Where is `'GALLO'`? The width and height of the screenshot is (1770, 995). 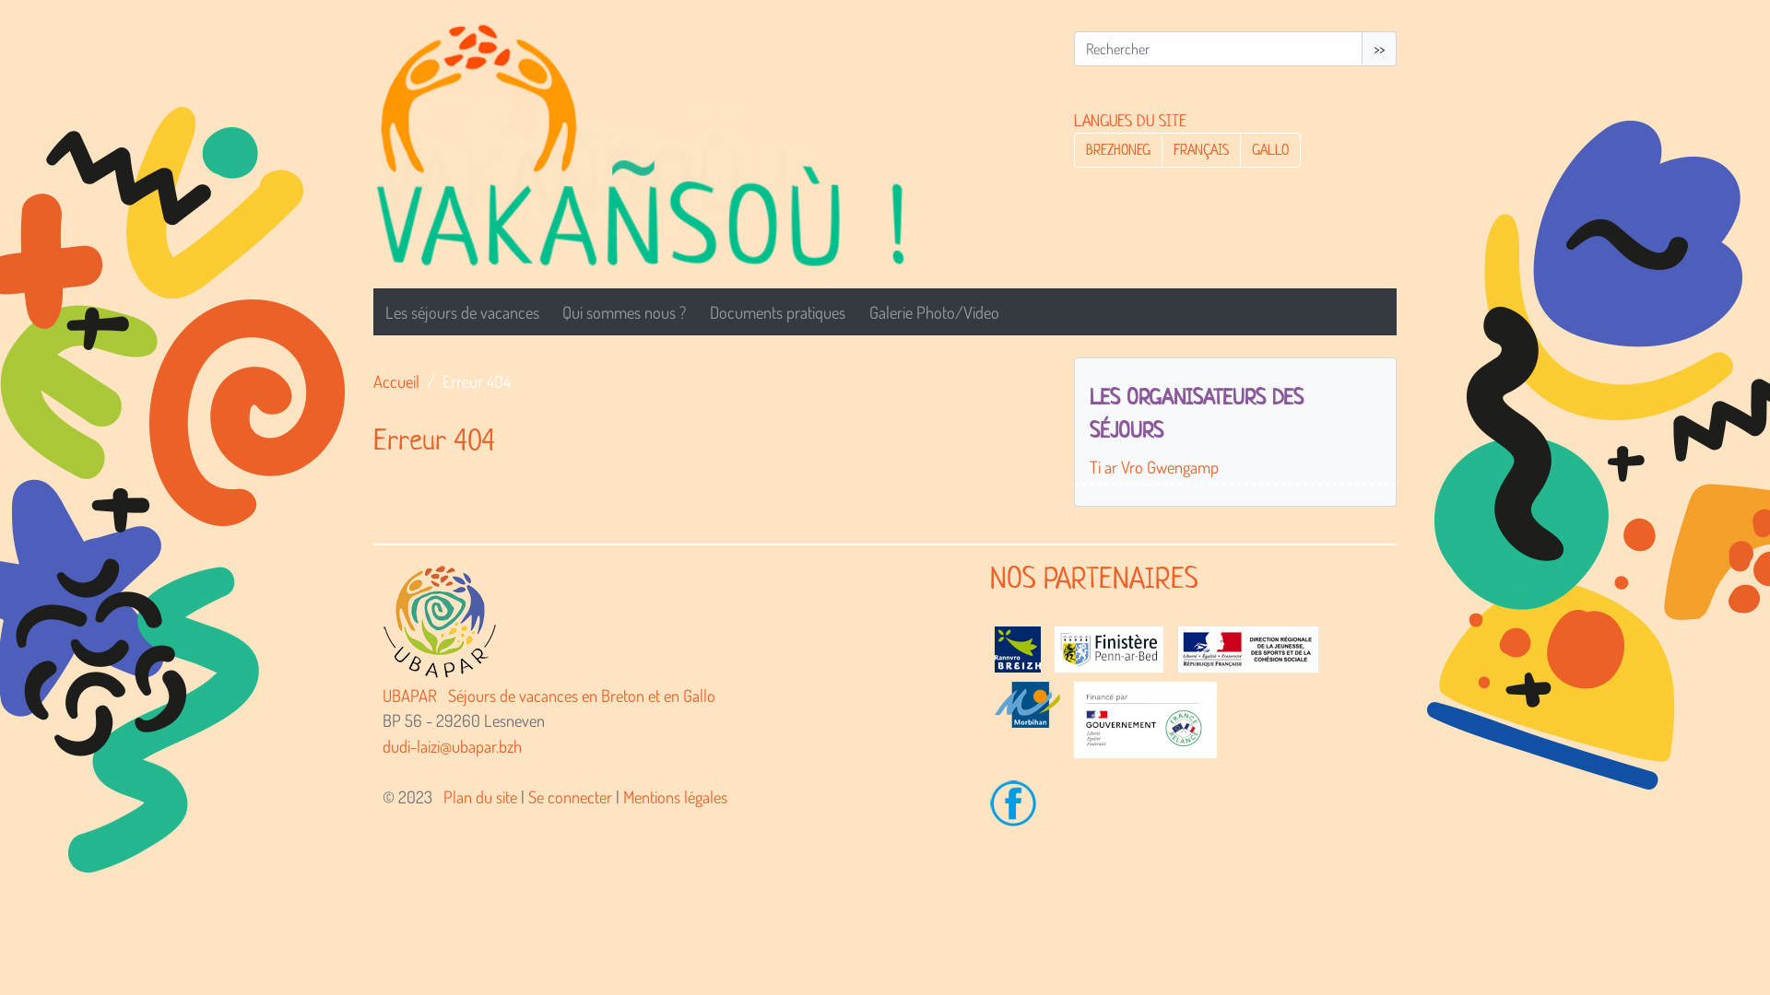
'GALLO' is located at coordinates (1268, 148).